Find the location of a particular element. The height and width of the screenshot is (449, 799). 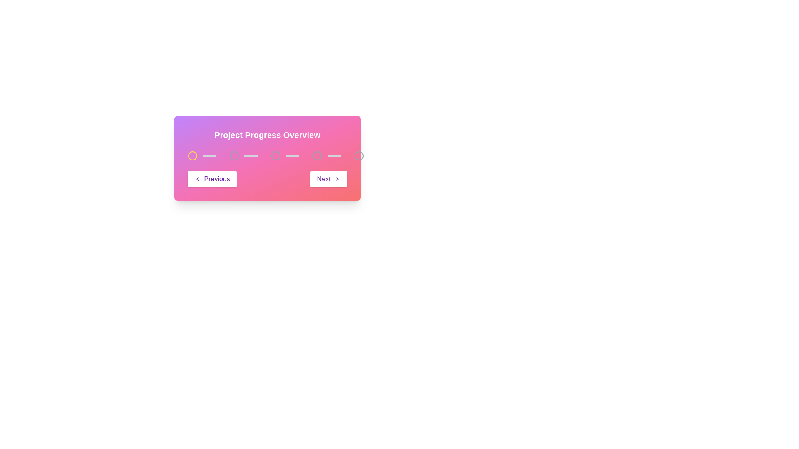

the third visual divider element, a thin light gray horizontal line with rounded corners, positioned between the 'Previous' and 'Next' buttons is located at coordinates (250, 155).